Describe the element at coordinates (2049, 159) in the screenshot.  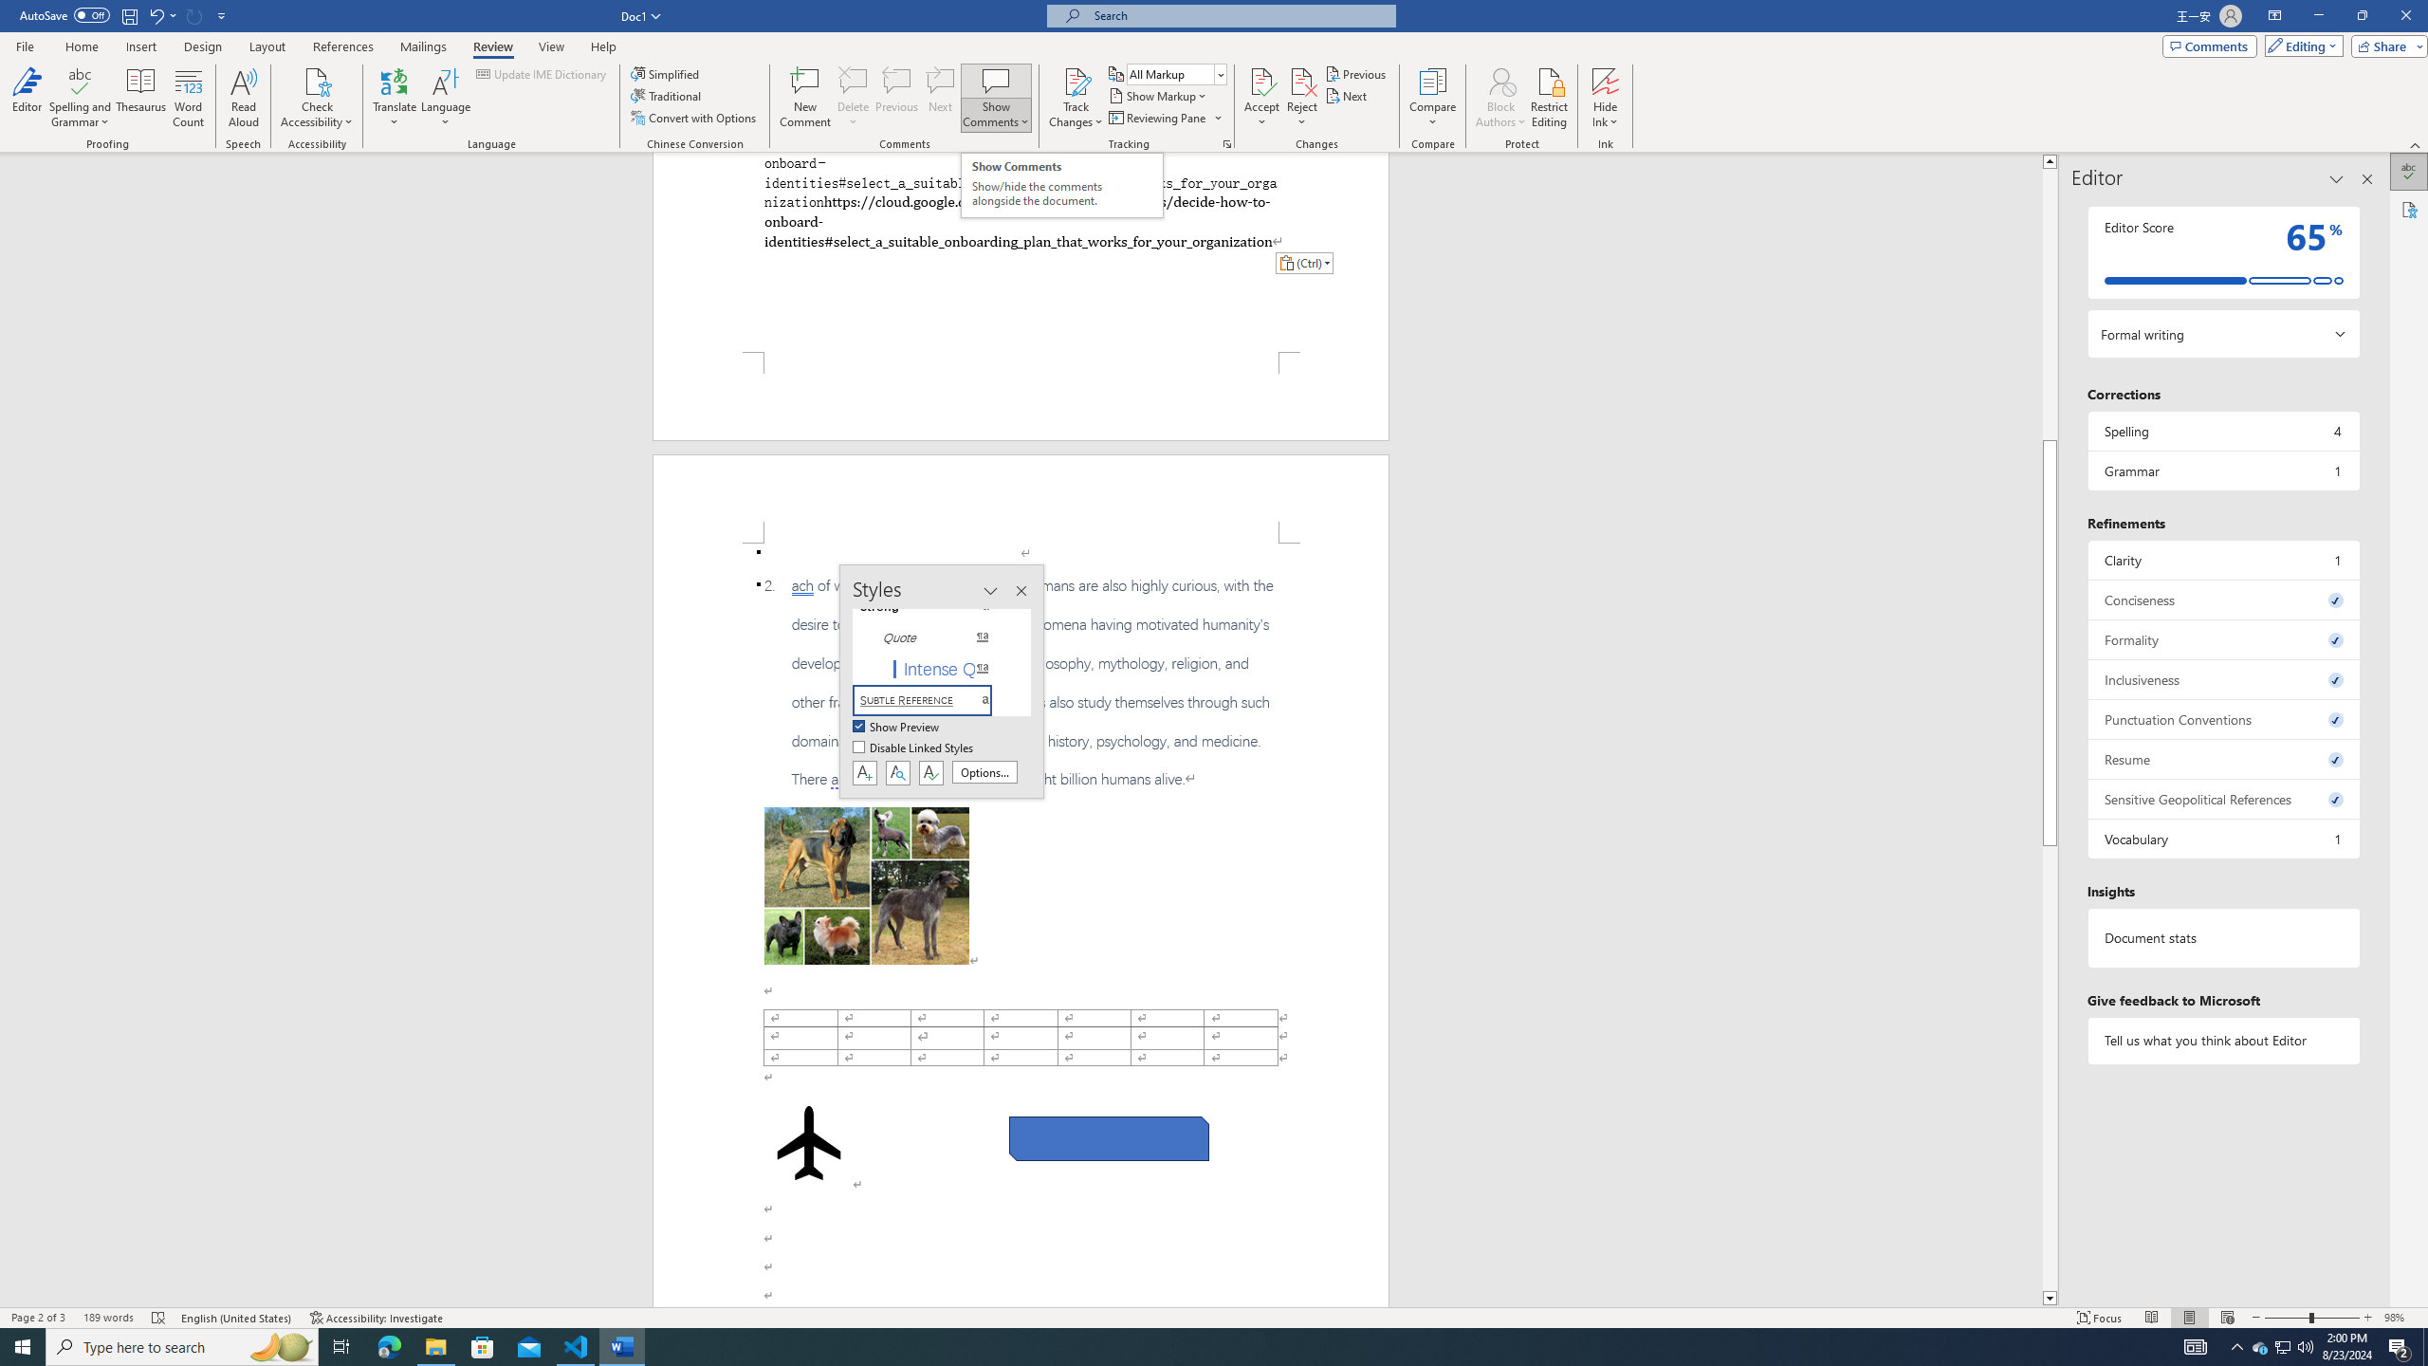
I see `'Line up'` at that location.